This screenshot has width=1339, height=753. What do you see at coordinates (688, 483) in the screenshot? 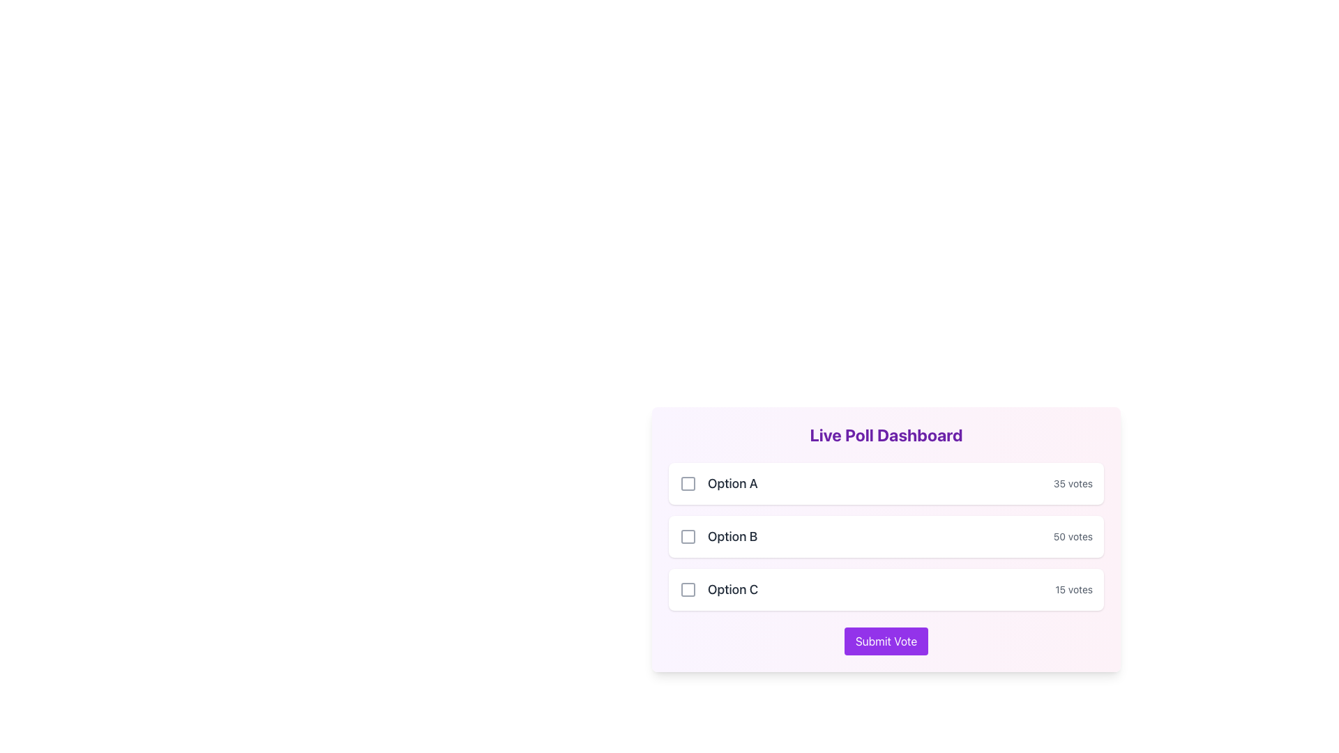
I see `the checkbox located to the left of the text label 'Option A' in the voting options list` at bounding box center [688, 483].